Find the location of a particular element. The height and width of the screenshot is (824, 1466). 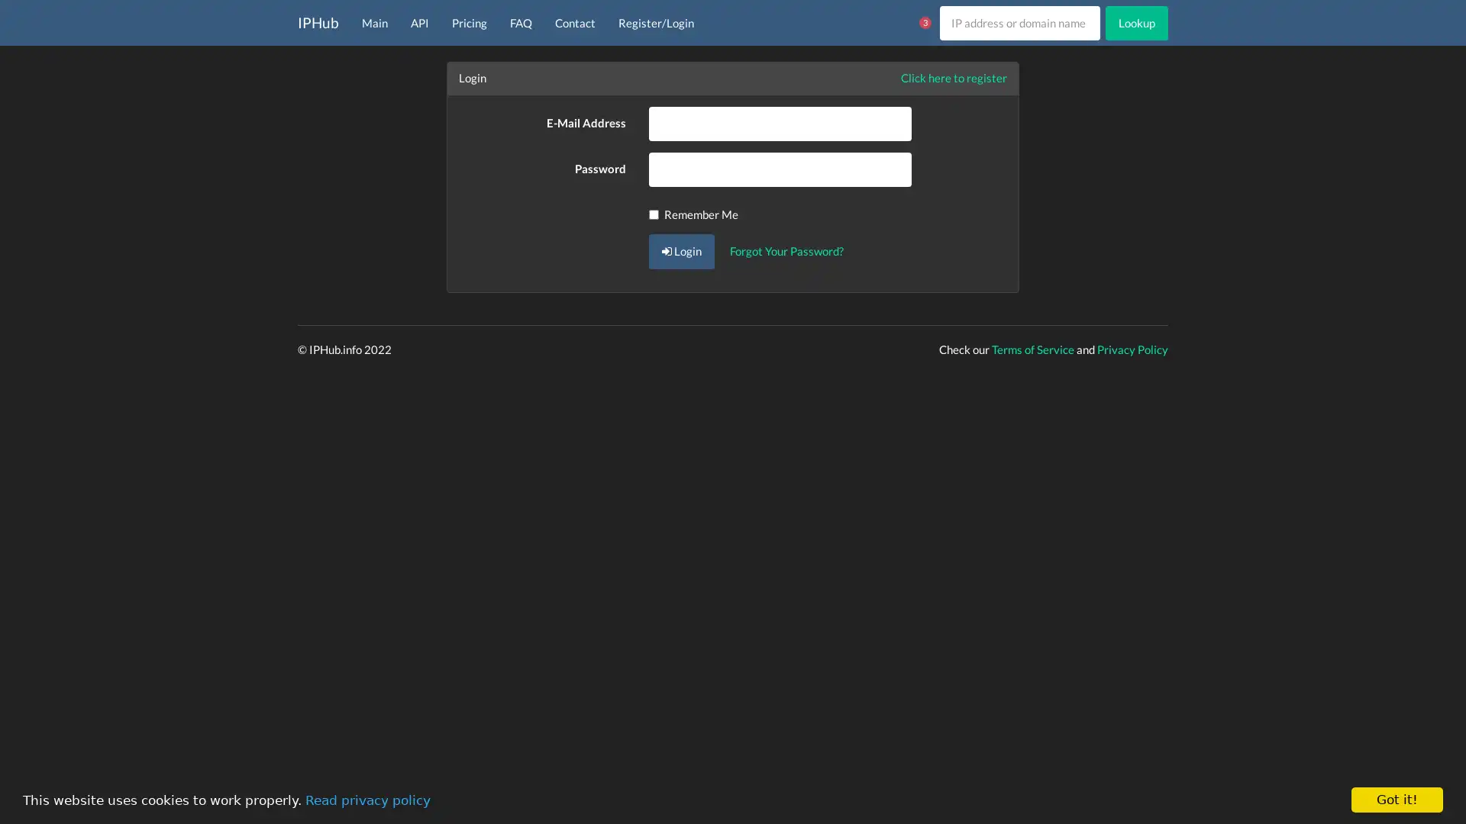

Login is located at coordinates (680, 250).